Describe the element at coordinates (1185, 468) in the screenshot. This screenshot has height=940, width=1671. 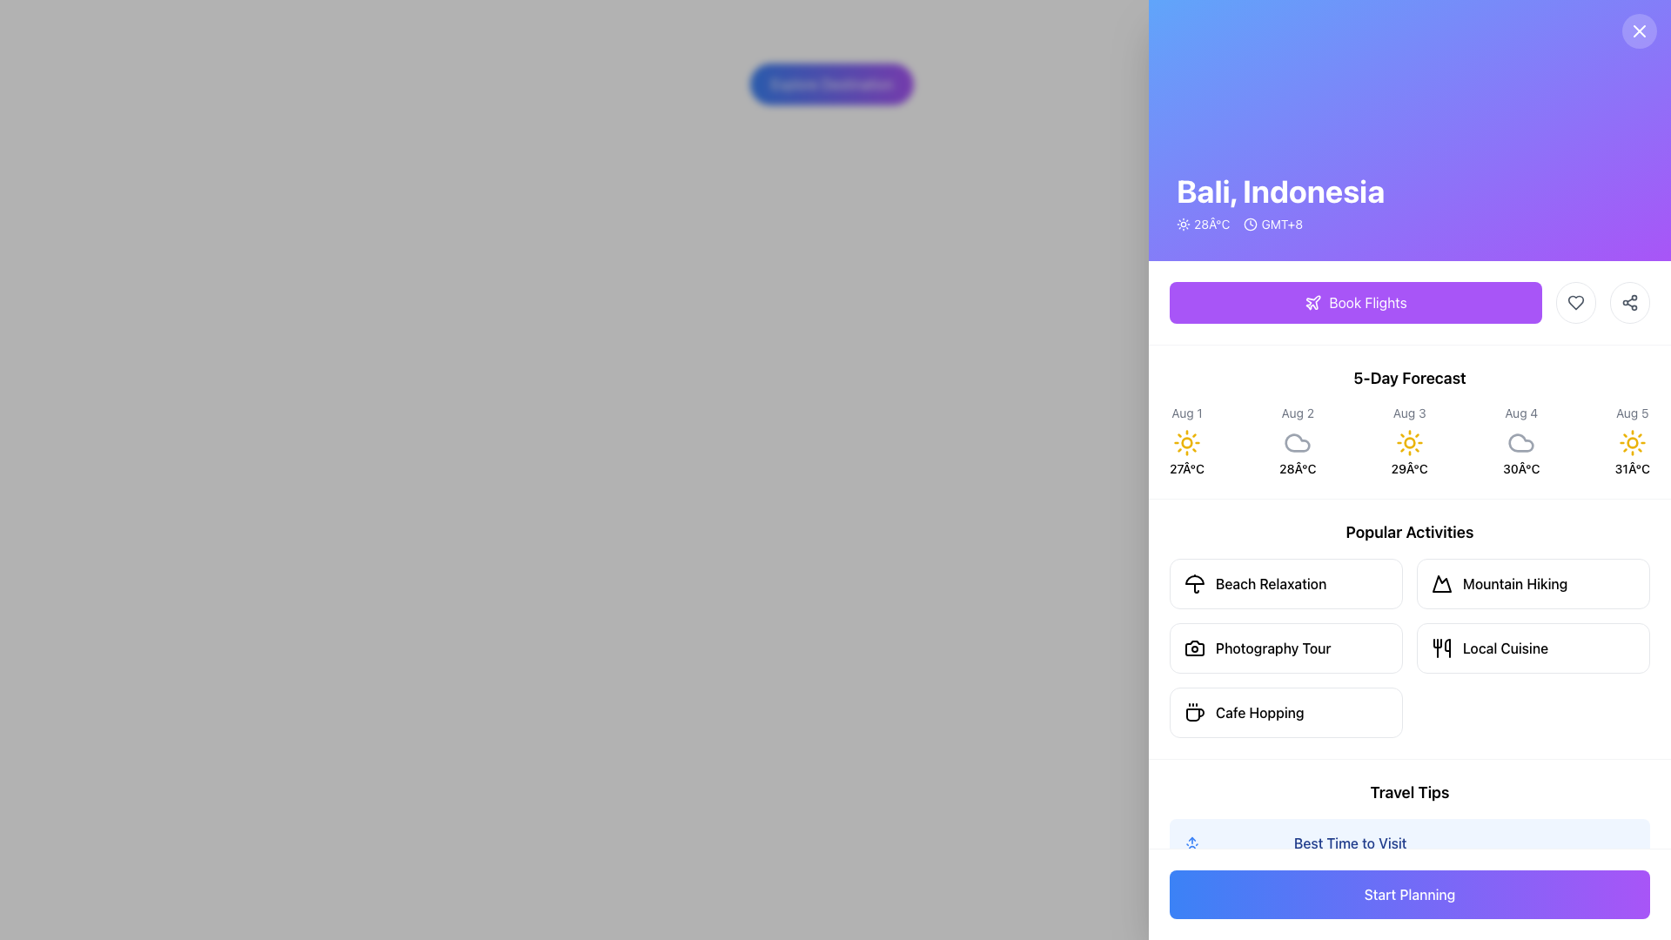
I see `the static text element displaying '27°C', which is styled with a medium-small font and located below the sun icon in the first column of the 5-day forecast grid` at that location.